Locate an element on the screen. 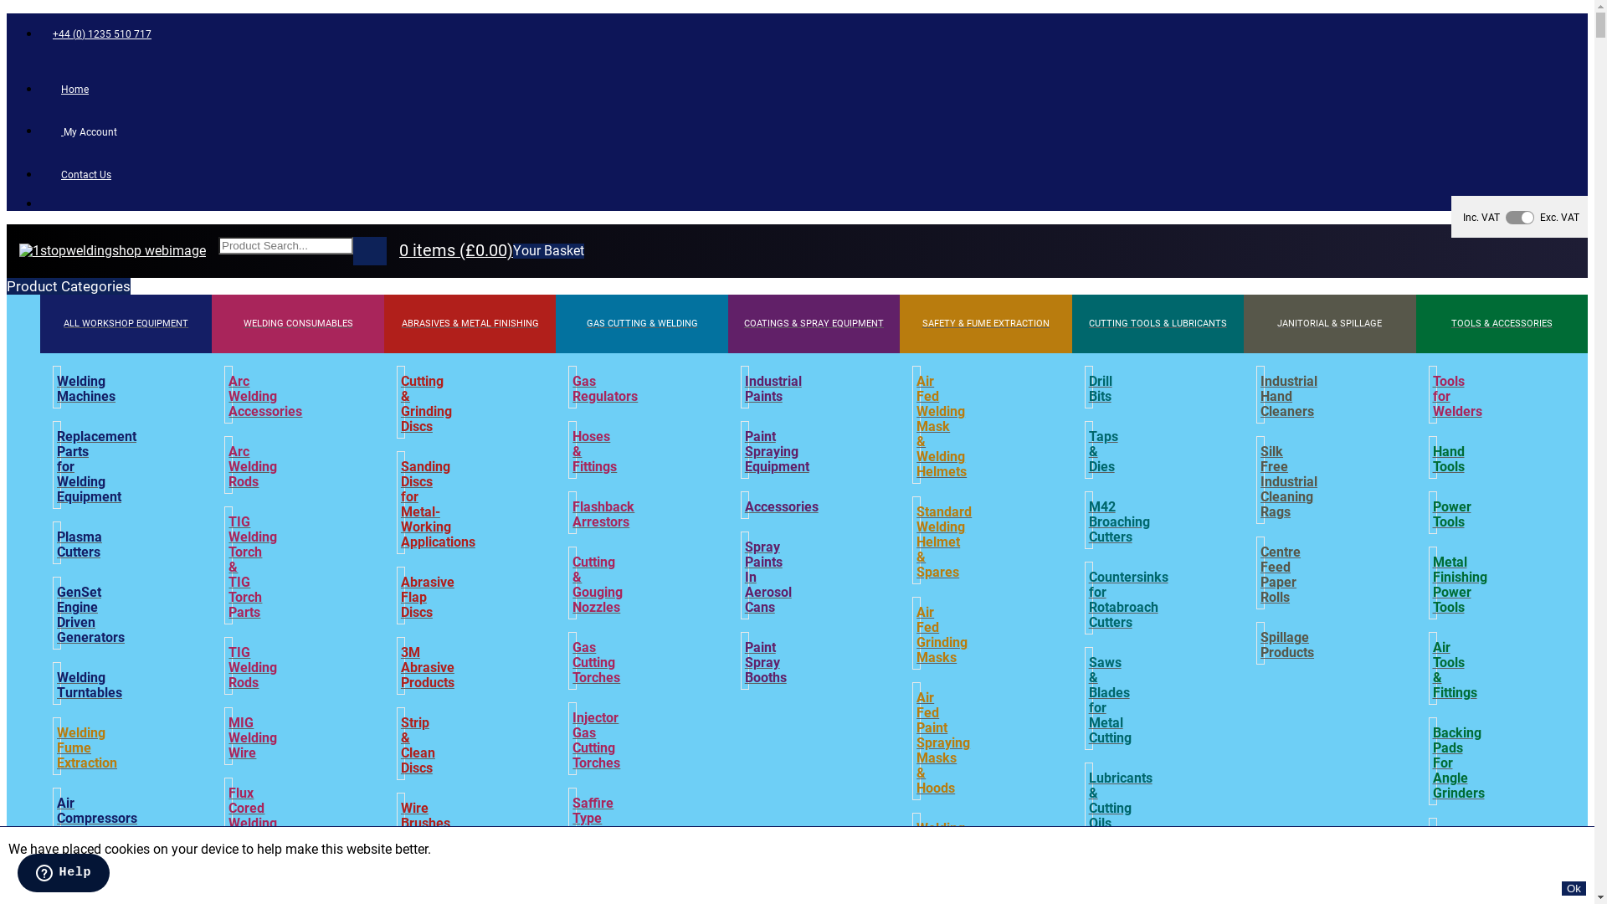  'Spray Paints In Aerosol Cans' is located at coordinates (767, 577).